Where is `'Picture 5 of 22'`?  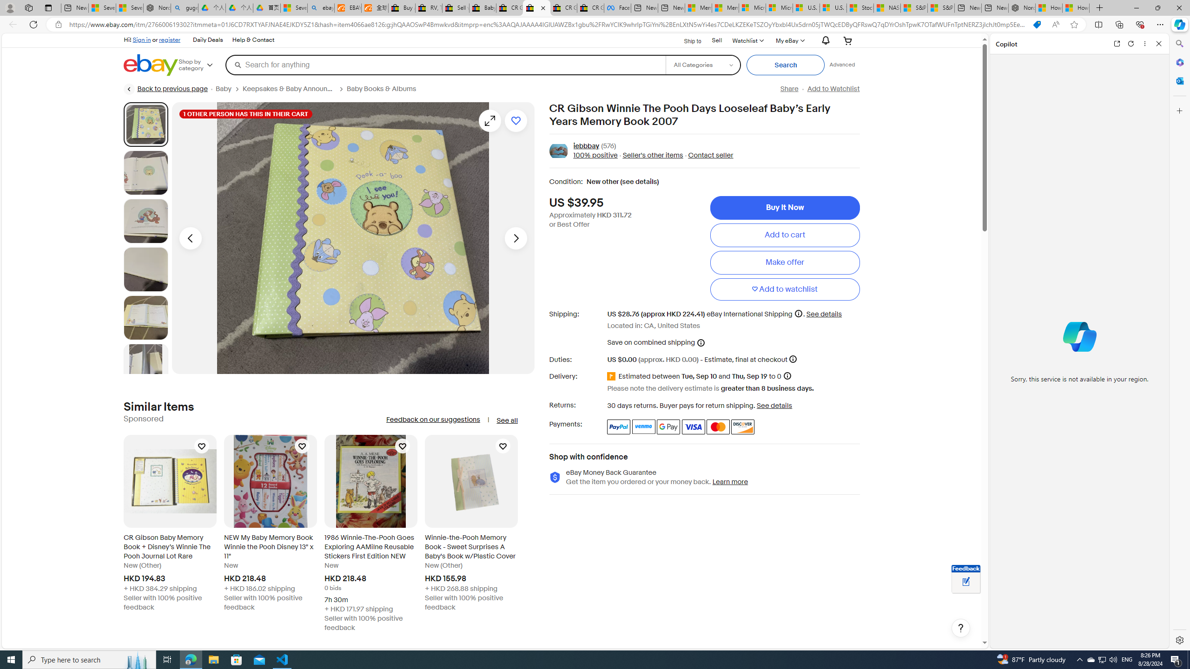 'Picture 5 of 22' is located at coordinates (145, 317).